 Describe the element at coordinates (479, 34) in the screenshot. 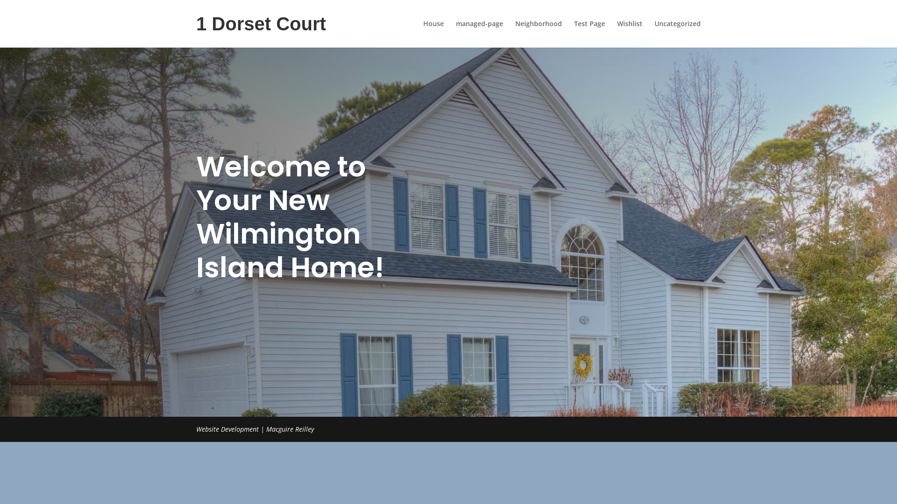

I see `'managed-page'` at that location.